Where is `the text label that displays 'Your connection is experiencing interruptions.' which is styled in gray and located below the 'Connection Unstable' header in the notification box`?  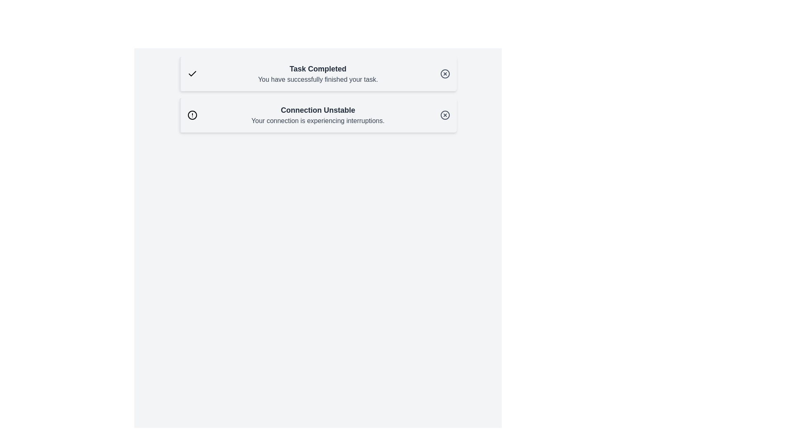 the text label that displays 'Your connection is experiencing interruptions.' which is styled in gray and located below the 'Connection Unstable' header in the notification box is located at coordinates (317, 121).